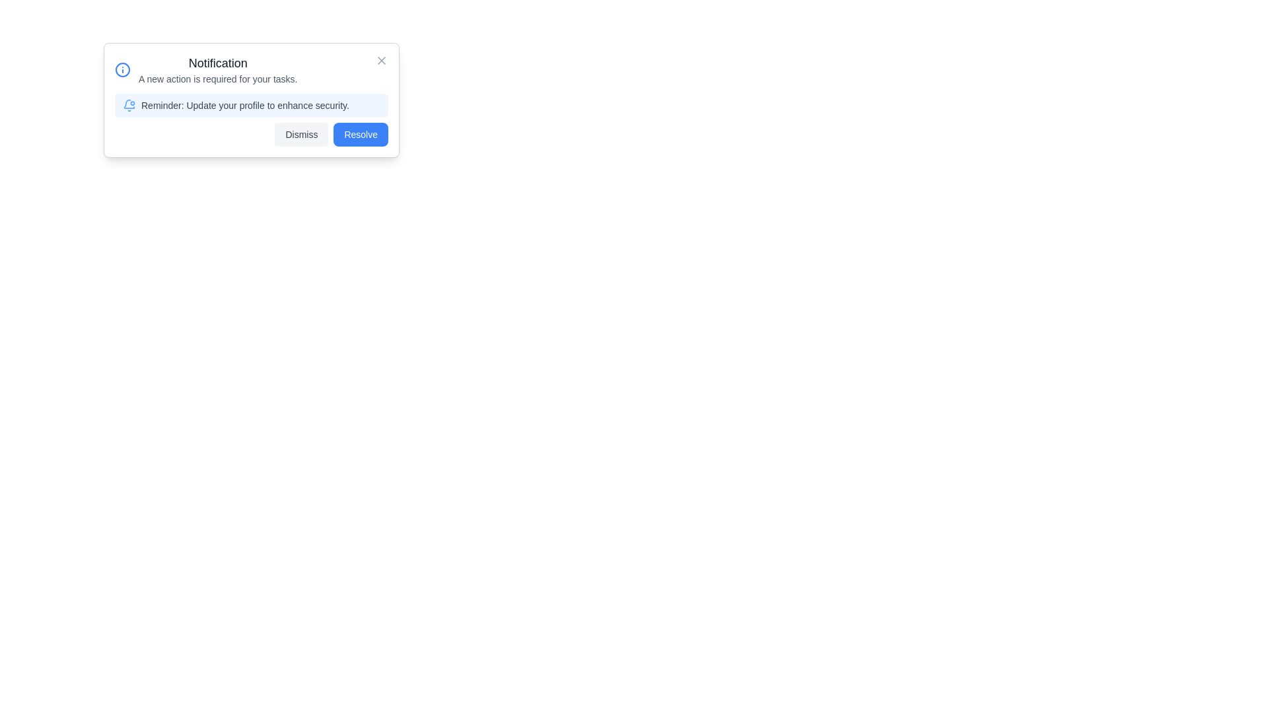 This screenshot has height=713, width=1268. I want to click on the 'Dismiss' button with rounded corners and a light gray background, so click(300, 135).